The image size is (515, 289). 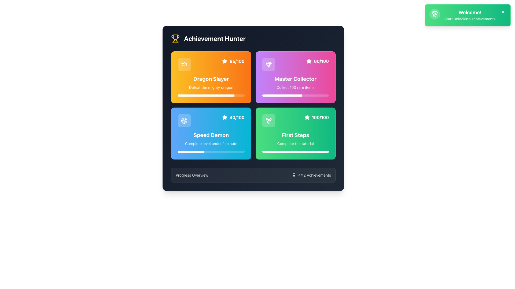 What do you see at coordinates (175, 38) in the screenshot?
I see `the trophy icon that is located to the left of the 'Achievement Hunter' text, which is styled with a clean and modern appearance and has a yellow color` at bounding box center [175, 38].